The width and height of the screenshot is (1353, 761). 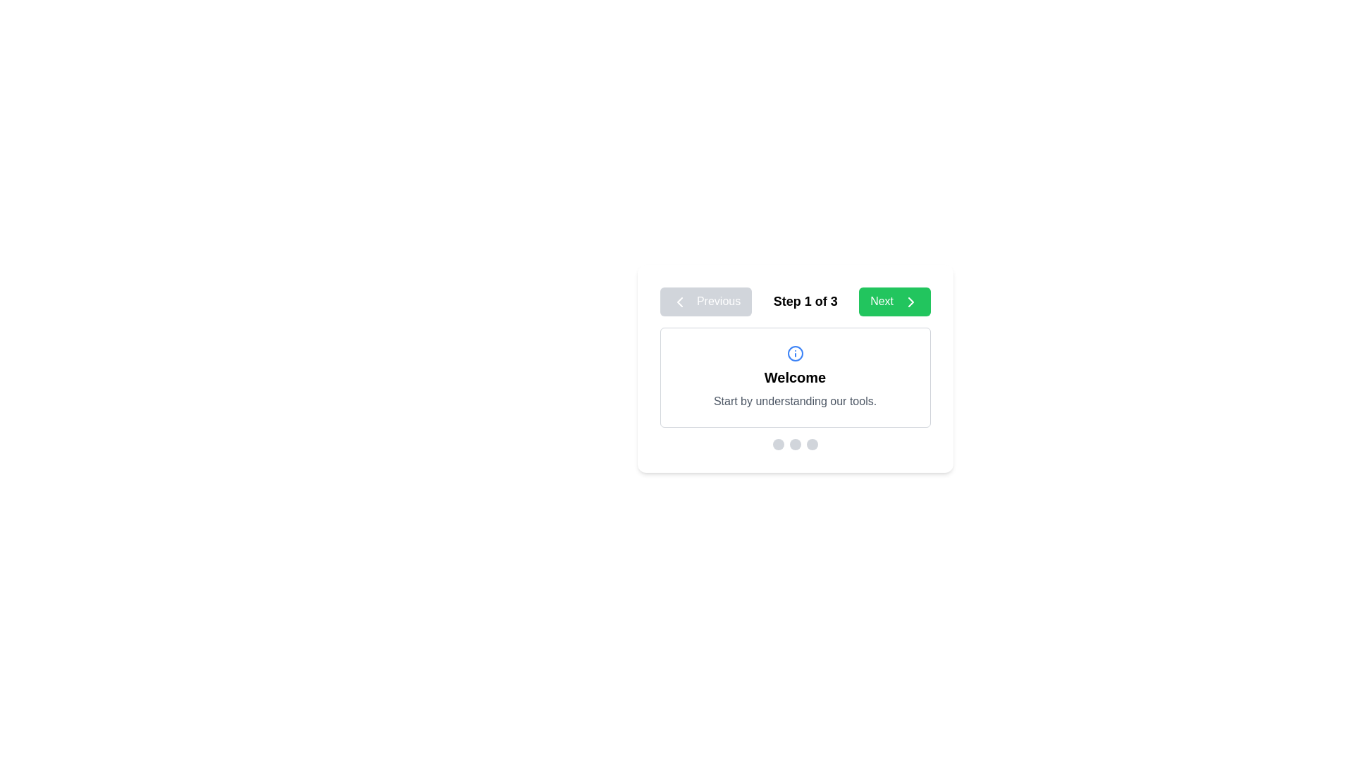 What do you see at coordinates (805, 301) in the screenshot?
I see `the bold text 'Step 1 of 3' located in the header section of the navigation interface, which is centrally placed between the 'Previous' and 'Next' buttons` at bounding box center [805, 301].